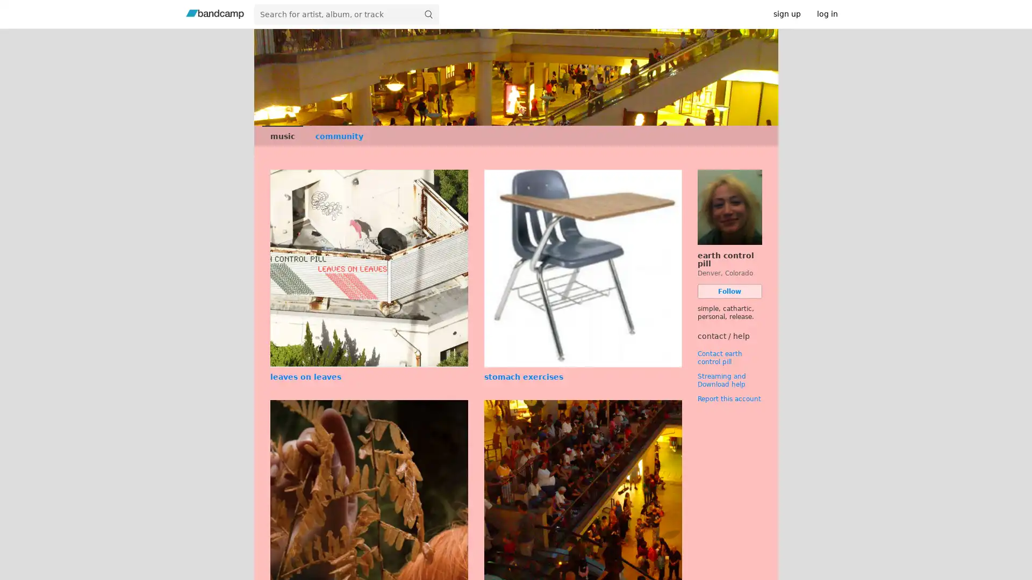 The image size is (1032, 580). I want to click on submit for full search page, so click(427, 14).